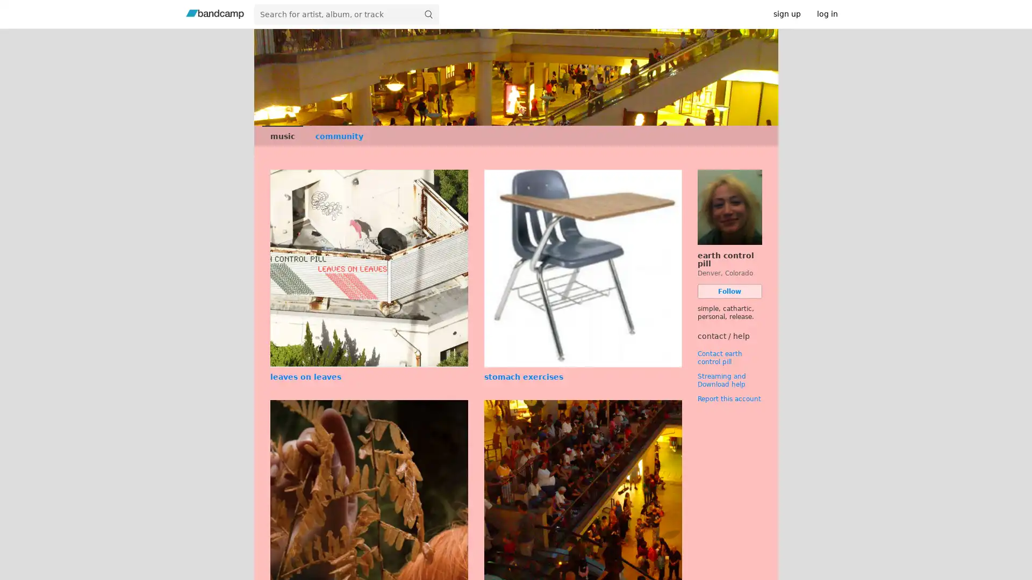 The image size is (1032, 580). I want to click on submit for full search page, so click(427, 14).